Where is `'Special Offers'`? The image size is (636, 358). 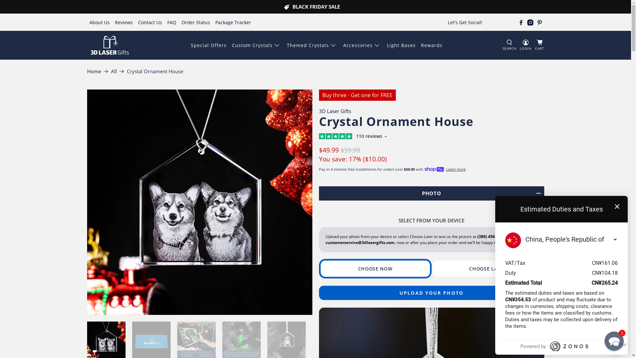 'Special Offers' is located at coordinates (208, 45).